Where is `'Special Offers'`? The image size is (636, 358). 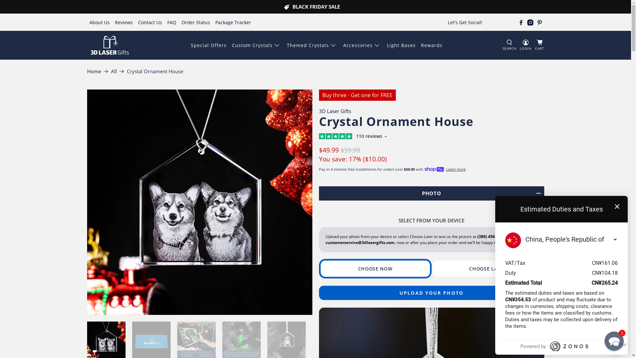 'Special Offers' is located at coordinates (208, 45).